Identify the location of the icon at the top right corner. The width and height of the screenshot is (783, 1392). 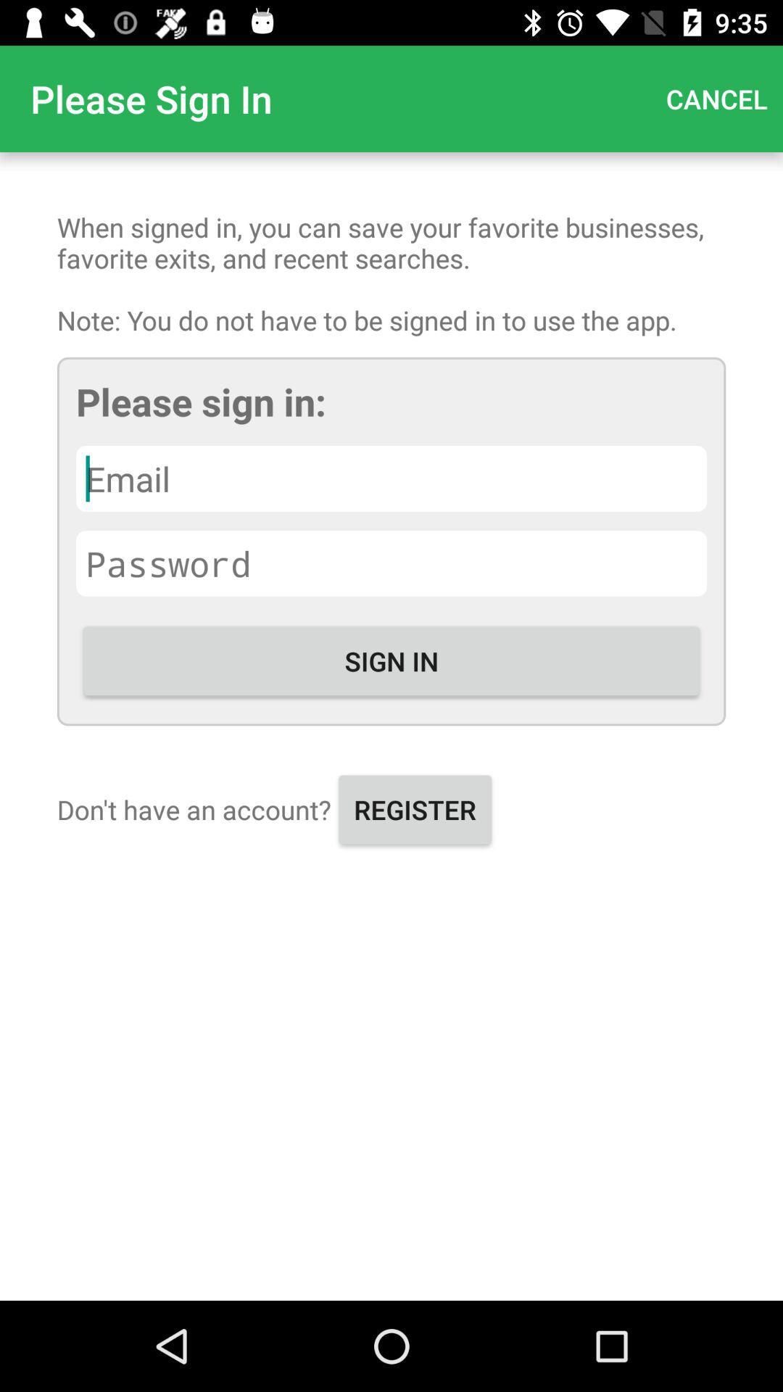
(716, 98).